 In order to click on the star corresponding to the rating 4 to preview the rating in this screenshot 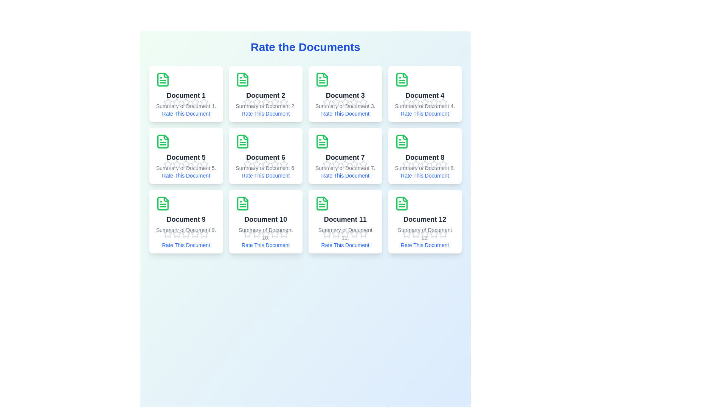, I will do `click(195, 102)`.